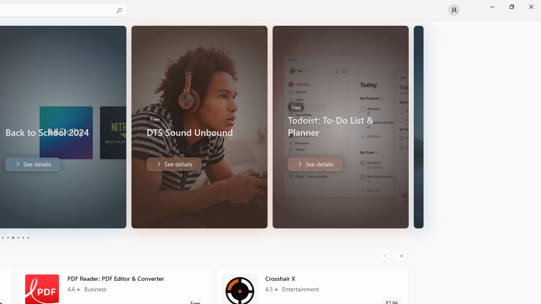  What do you see at coordinates (511, 6) in the screenshot?
I see `'Restore Microsoft Store'` at bounding box center [511, 6].